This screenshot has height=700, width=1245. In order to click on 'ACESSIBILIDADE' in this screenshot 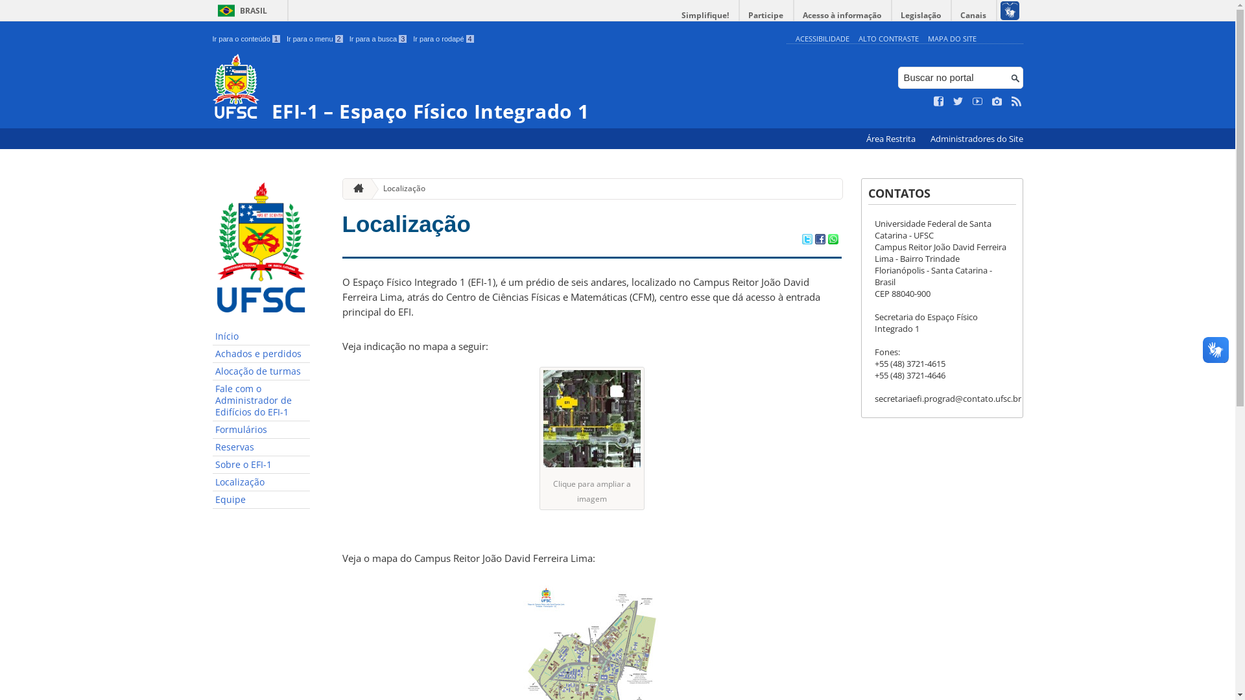, I will do `click(794, 38)`.